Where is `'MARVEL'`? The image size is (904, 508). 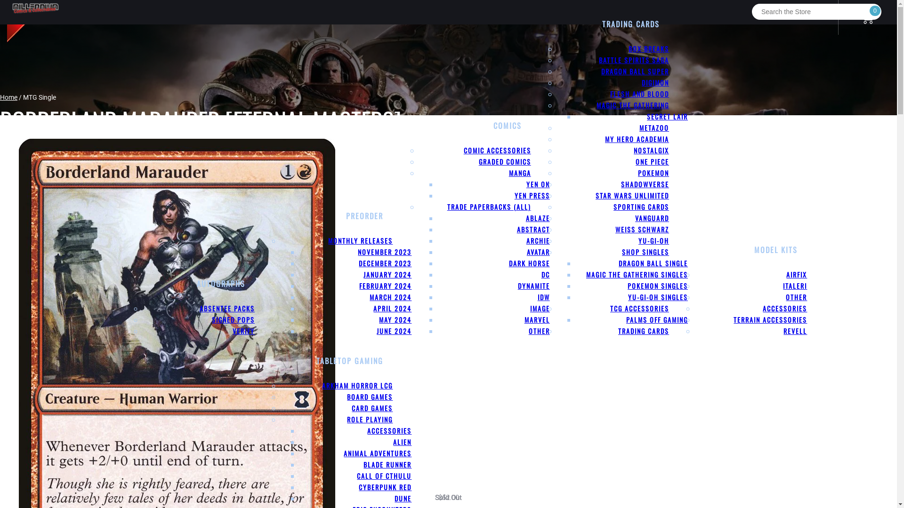 'MARVEL' is located at coordinates (524, 319).